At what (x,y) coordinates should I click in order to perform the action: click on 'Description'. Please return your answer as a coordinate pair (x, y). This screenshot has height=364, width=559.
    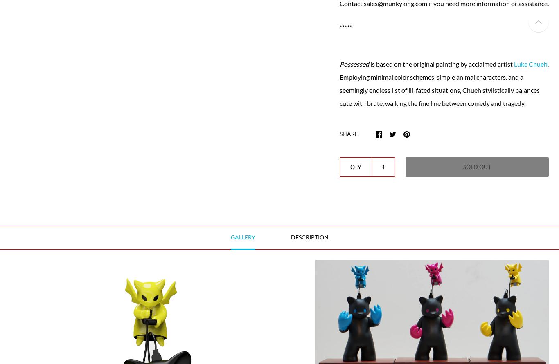
    Looking at the image, I should click on (309, 237).